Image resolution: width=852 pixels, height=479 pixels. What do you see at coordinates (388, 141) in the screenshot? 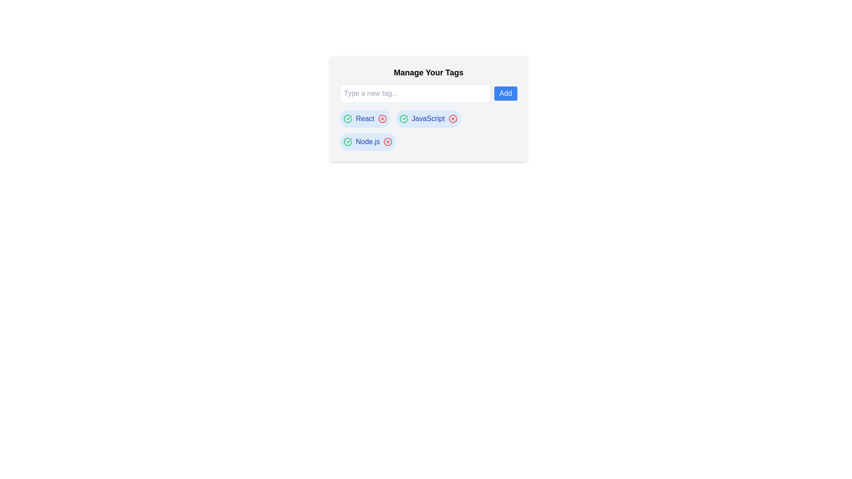
I see `red 'X' icon next to the tag labeled Node.js to remove it` at bounding box center [388, 141].